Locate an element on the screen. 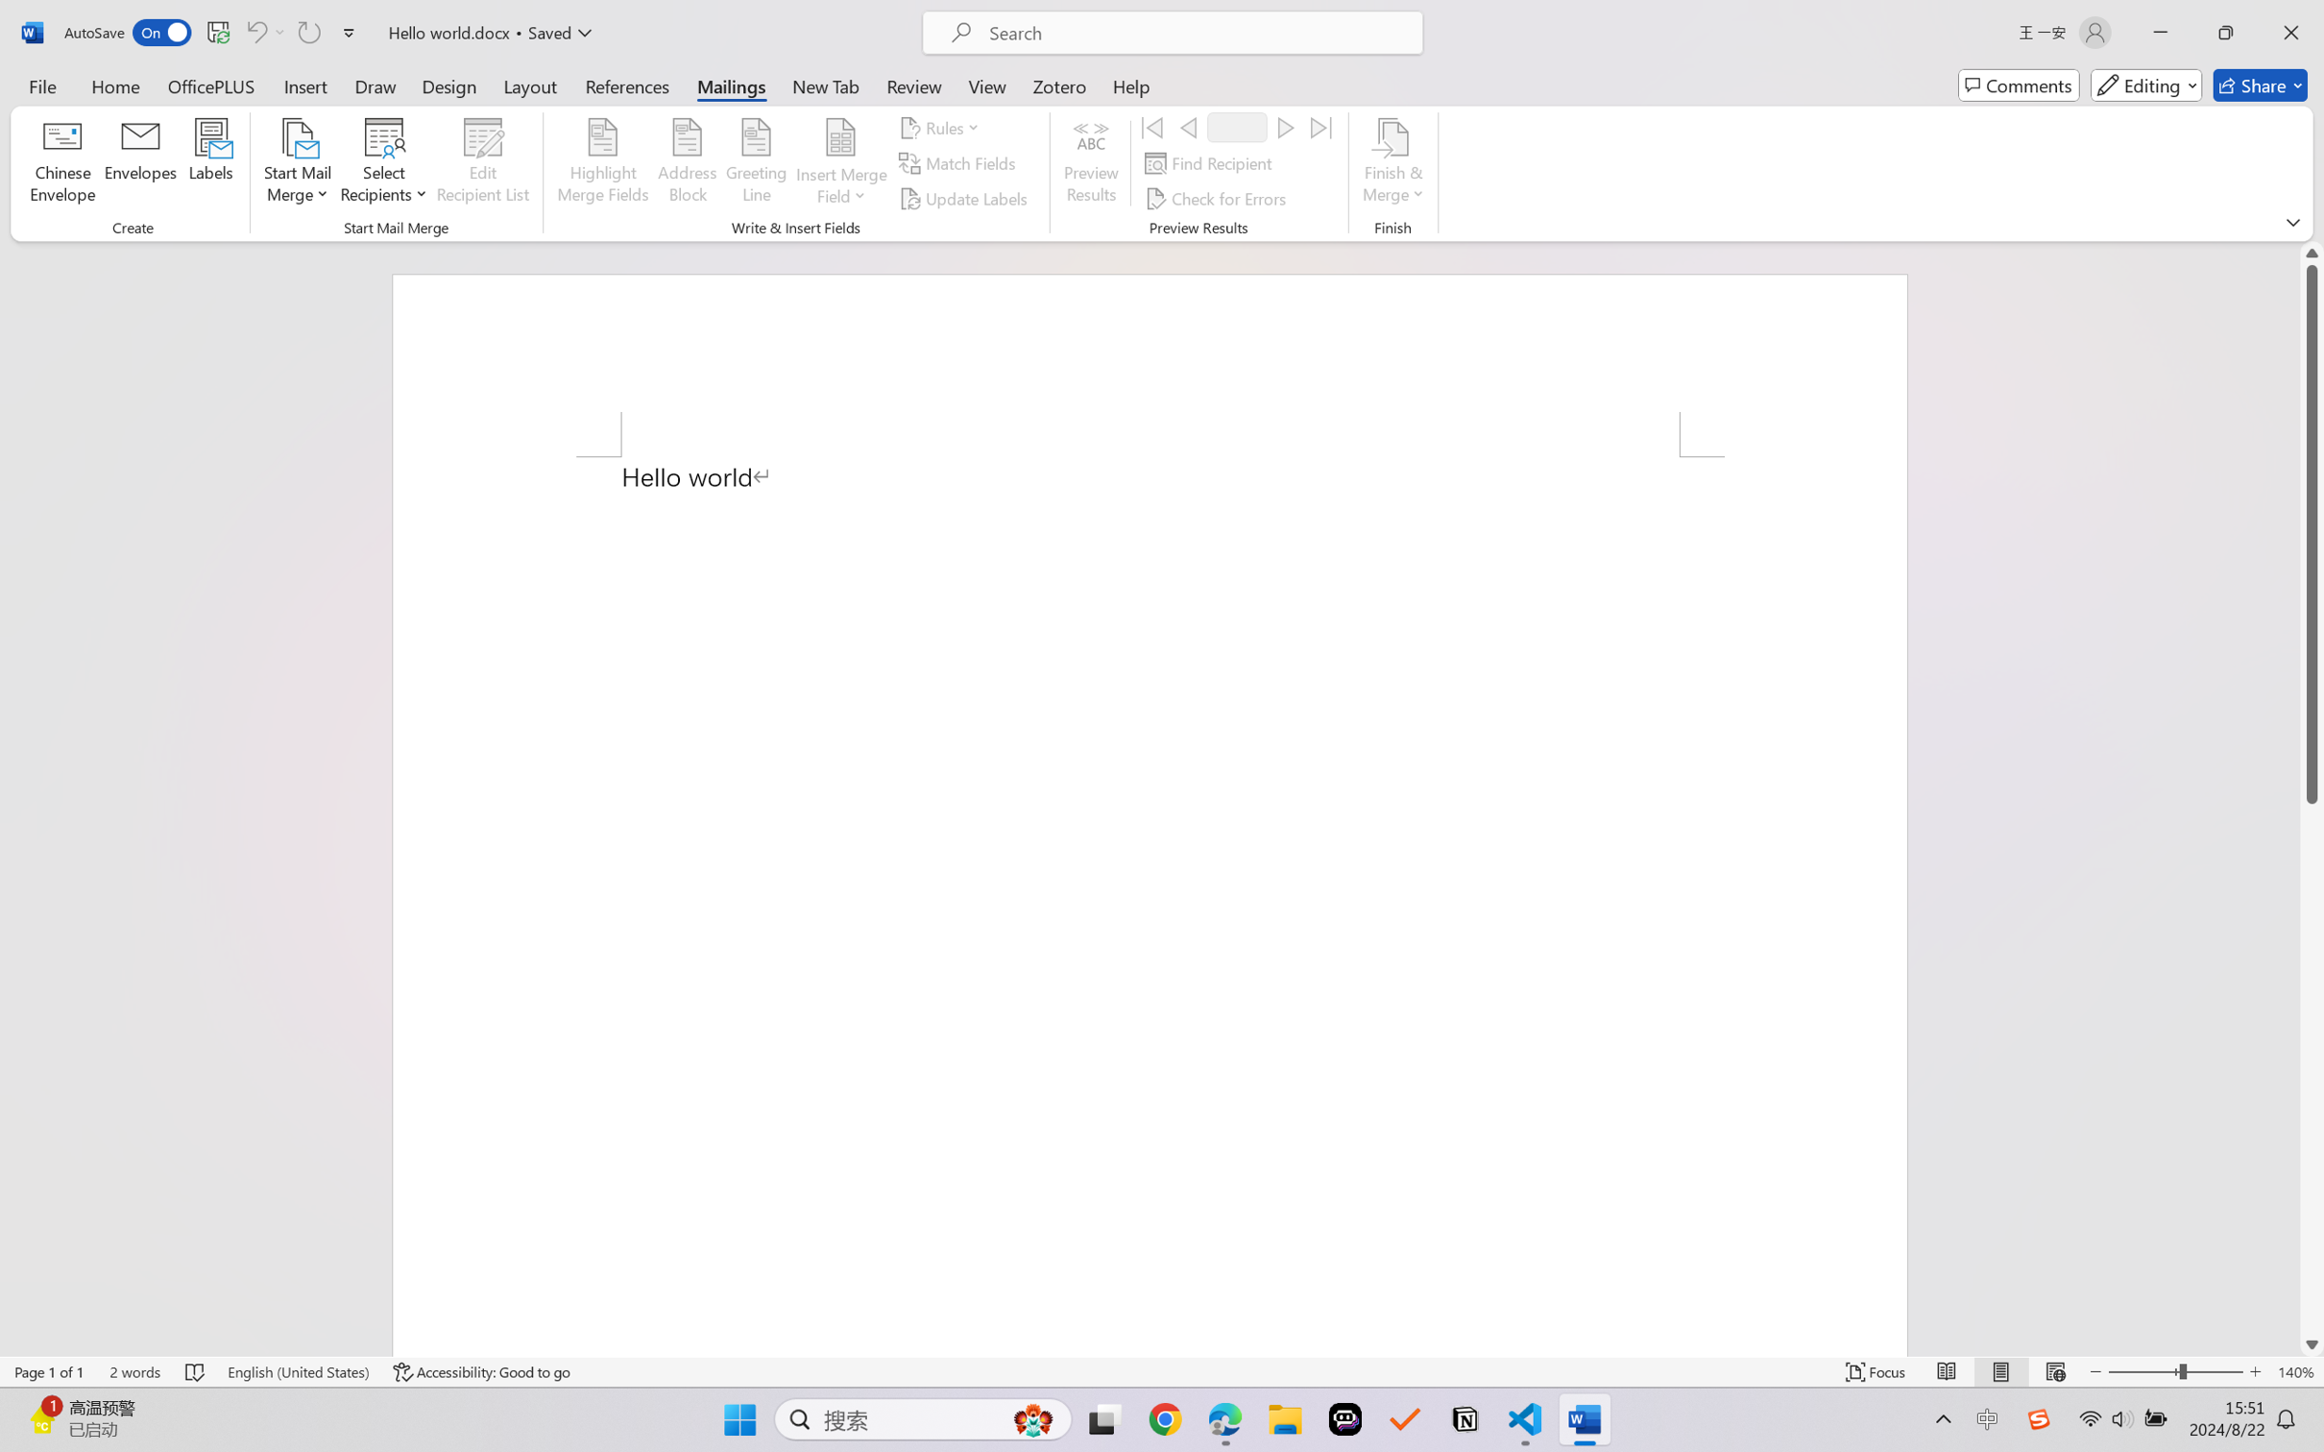  'Mode' is located at coordinates (2146, 85).